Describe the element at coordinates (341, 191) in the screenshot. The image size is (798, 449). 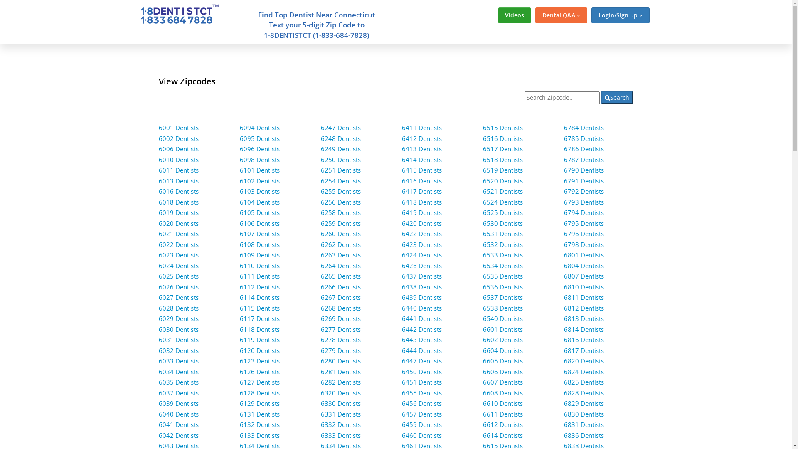
I see `'6255 Dentists'` at that location.